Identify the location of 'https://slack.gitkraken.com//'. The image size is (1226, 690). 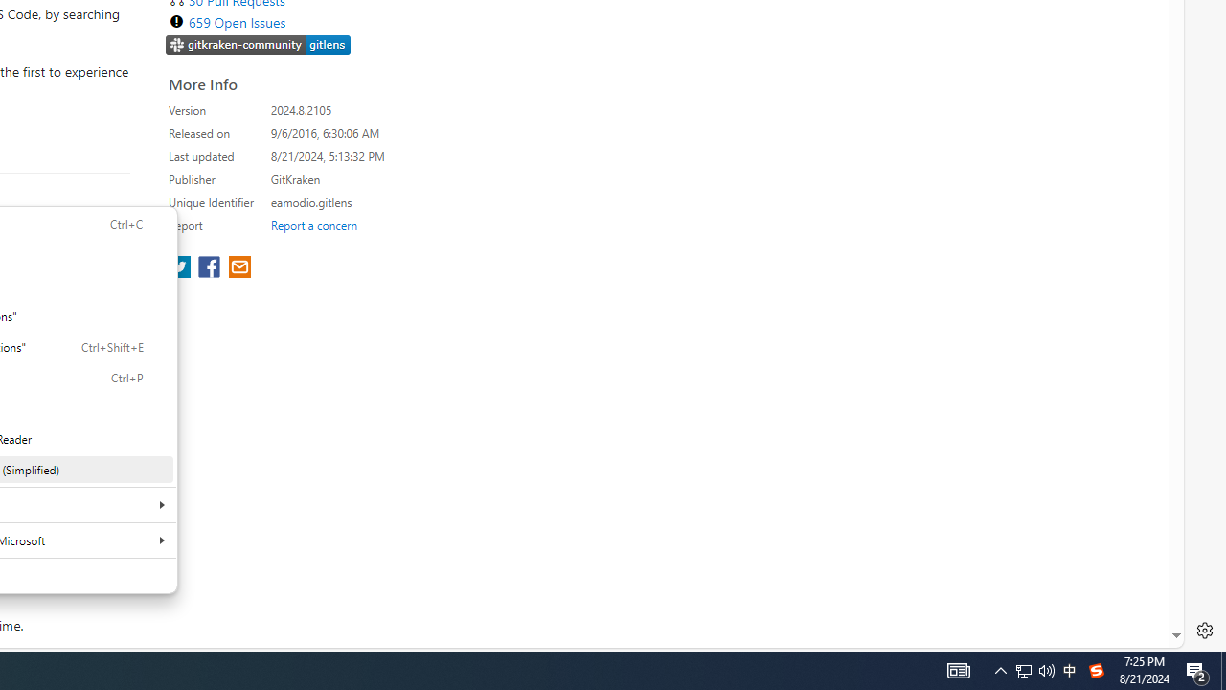
(258, 43).